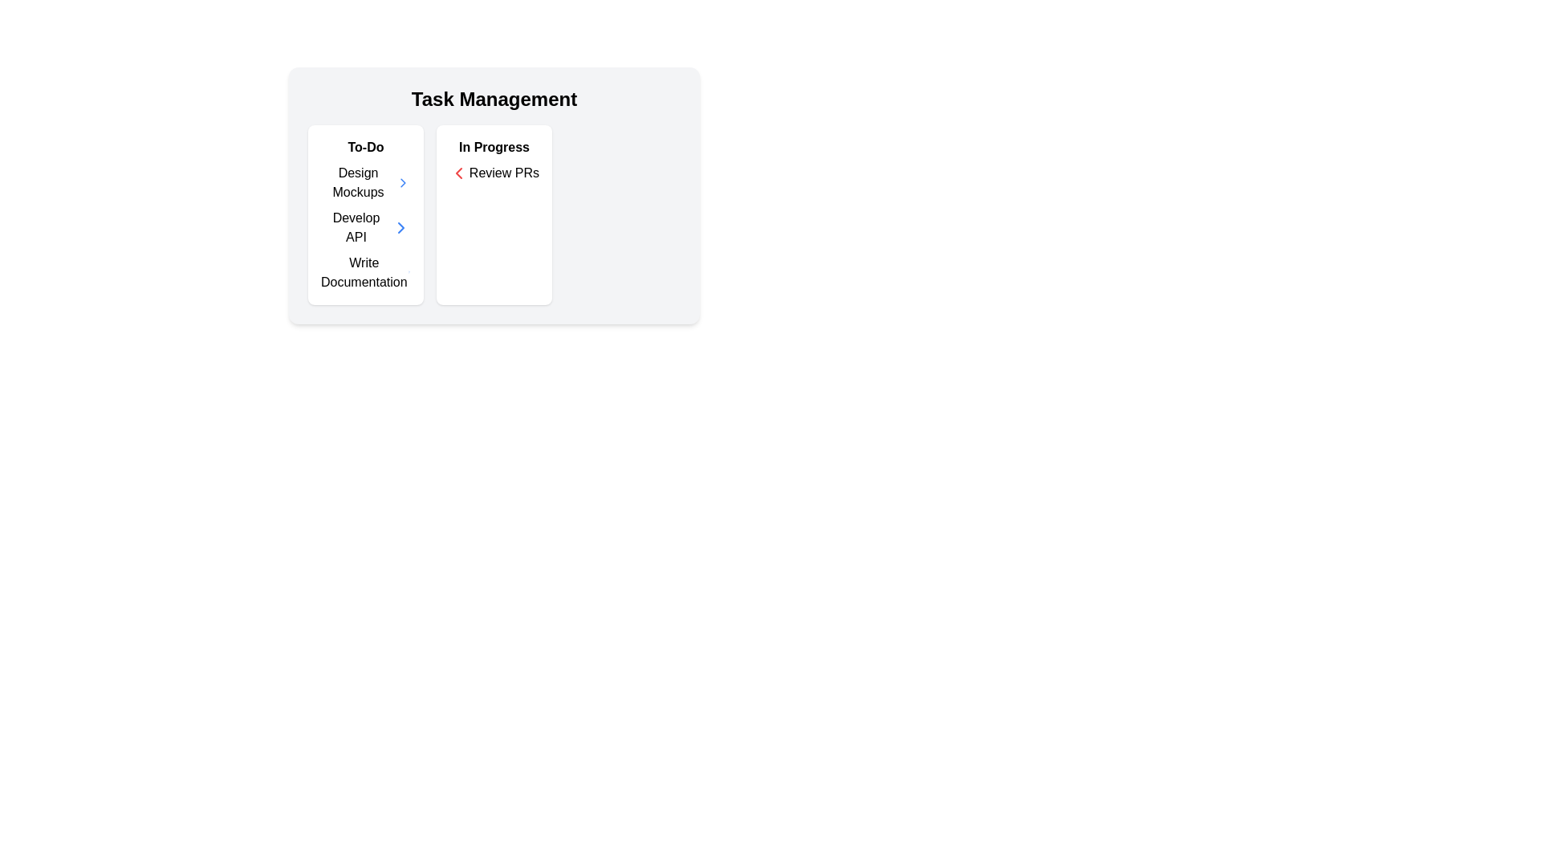 This screenshot has height=867, width=1541. Describe the element at coordinates (363, 271) in the screenshot. I see `the text box displaying 'Write Documentation' in the bottom portion of the 'To-Do' column for potential interaction` at that location.